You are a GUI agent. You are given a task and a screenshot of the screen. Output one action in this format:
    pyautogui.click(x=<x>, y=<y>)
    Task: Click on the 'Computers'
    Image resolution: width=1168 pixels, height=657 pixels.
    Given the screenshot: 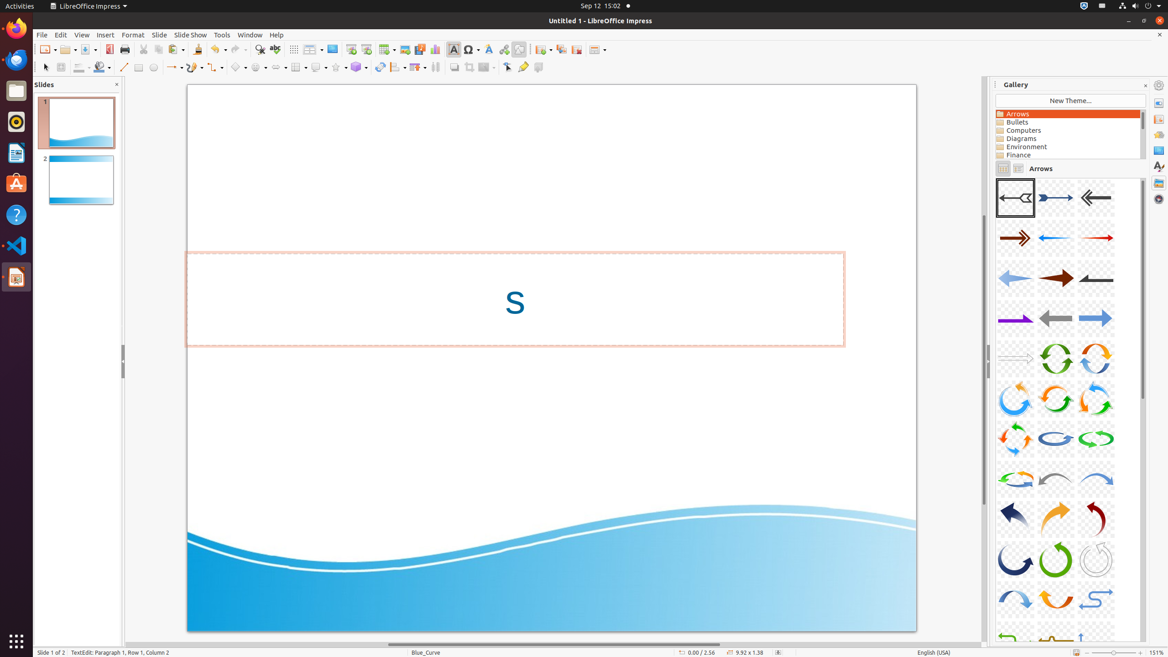 What is the action you would take?
    pyautogui.click(x=1068, y=130)
    